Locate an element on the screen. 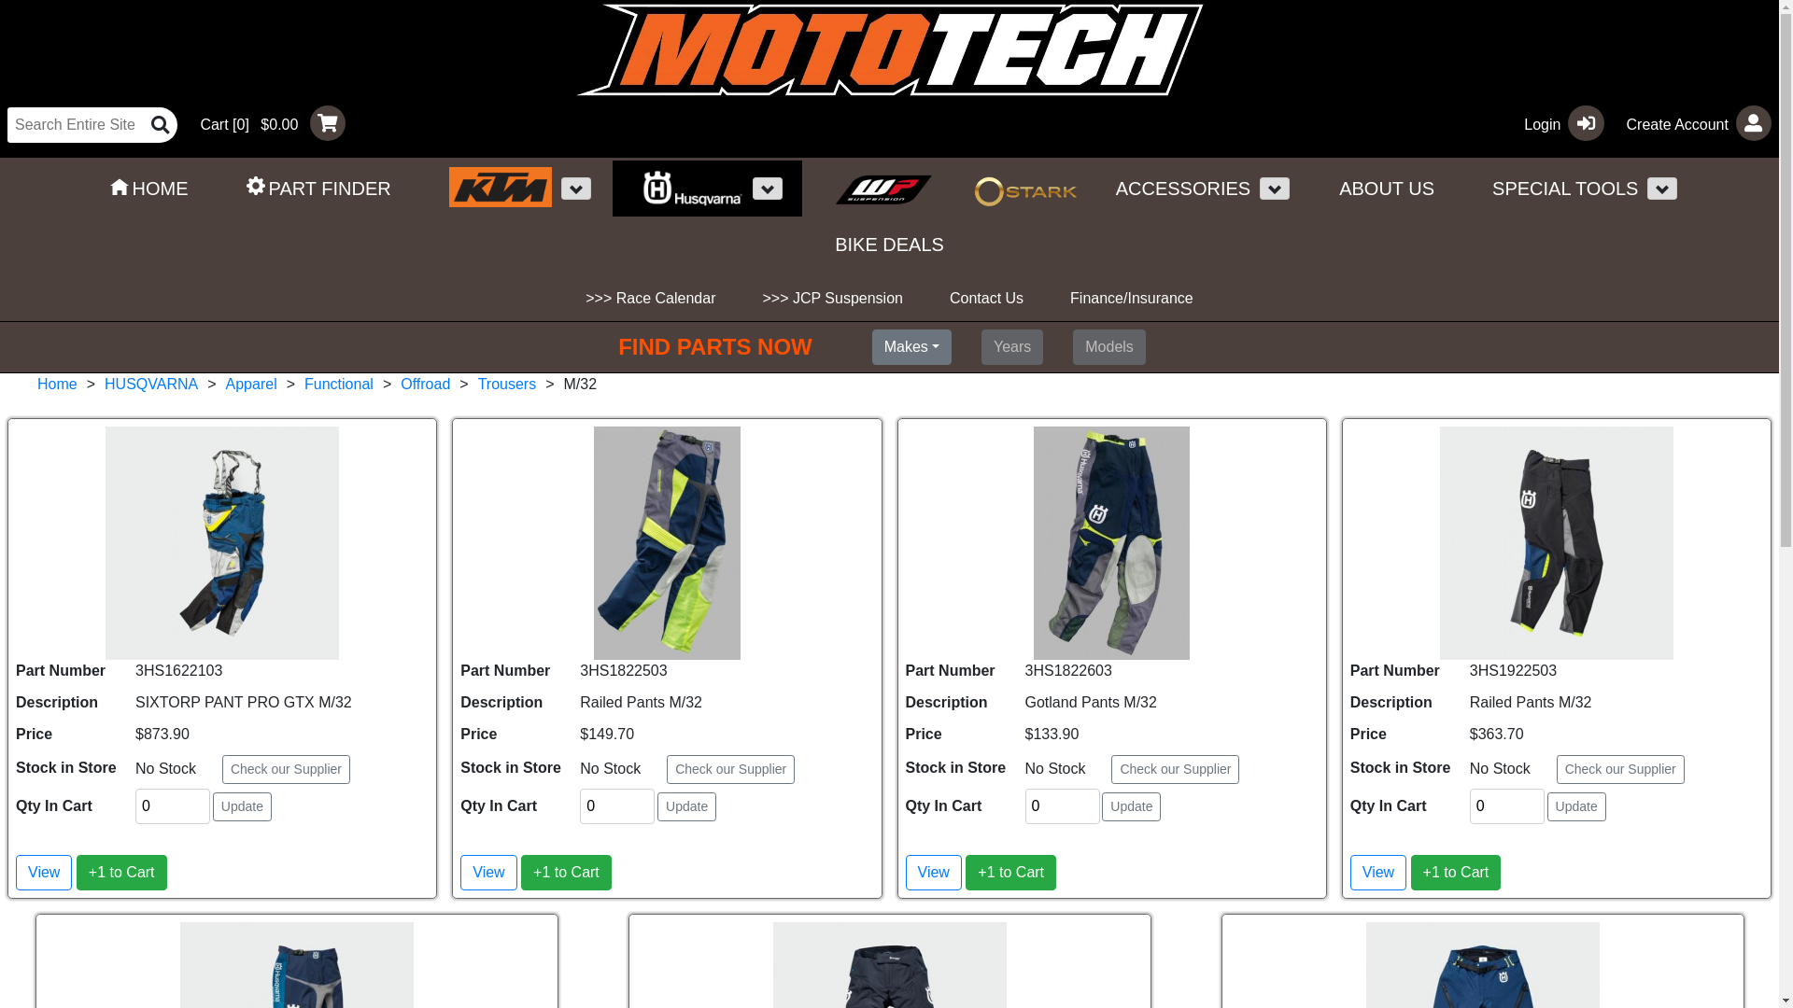  'SPECIAL TOOLS' is located at coordinates (1463, 188).